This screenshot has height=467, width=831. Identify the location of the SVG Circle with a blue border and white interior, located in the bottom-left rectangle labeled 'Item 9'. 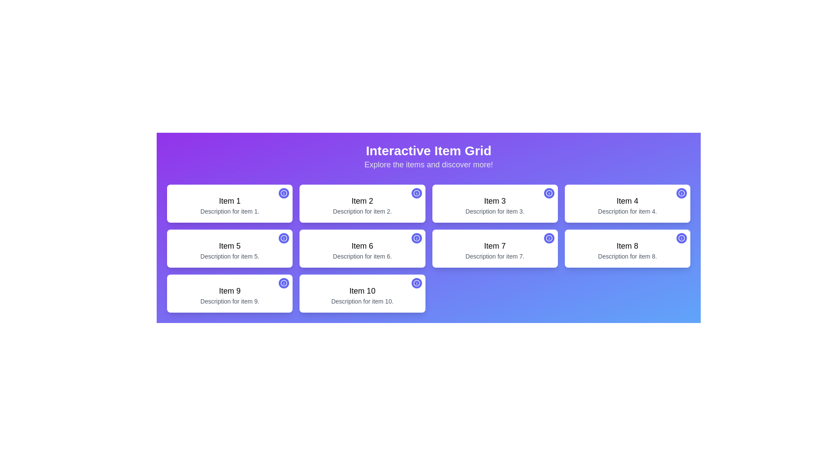
(284, 283).